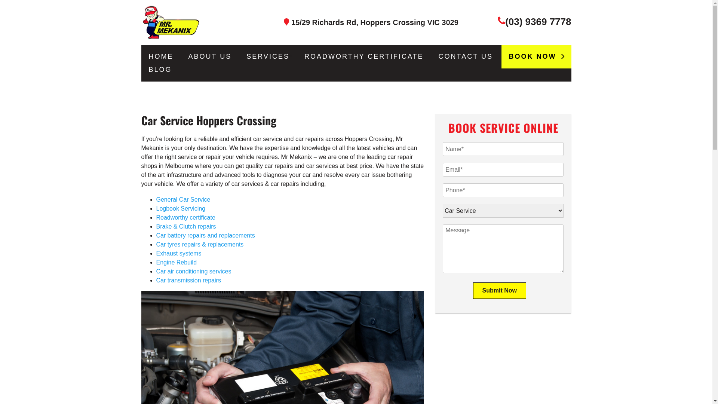 The width and height of the screenshot is (718, 404). What do you see at coordinates (160, 70) in the screenshot?
I see `'BLOG'` at bounding box center [160, 70].